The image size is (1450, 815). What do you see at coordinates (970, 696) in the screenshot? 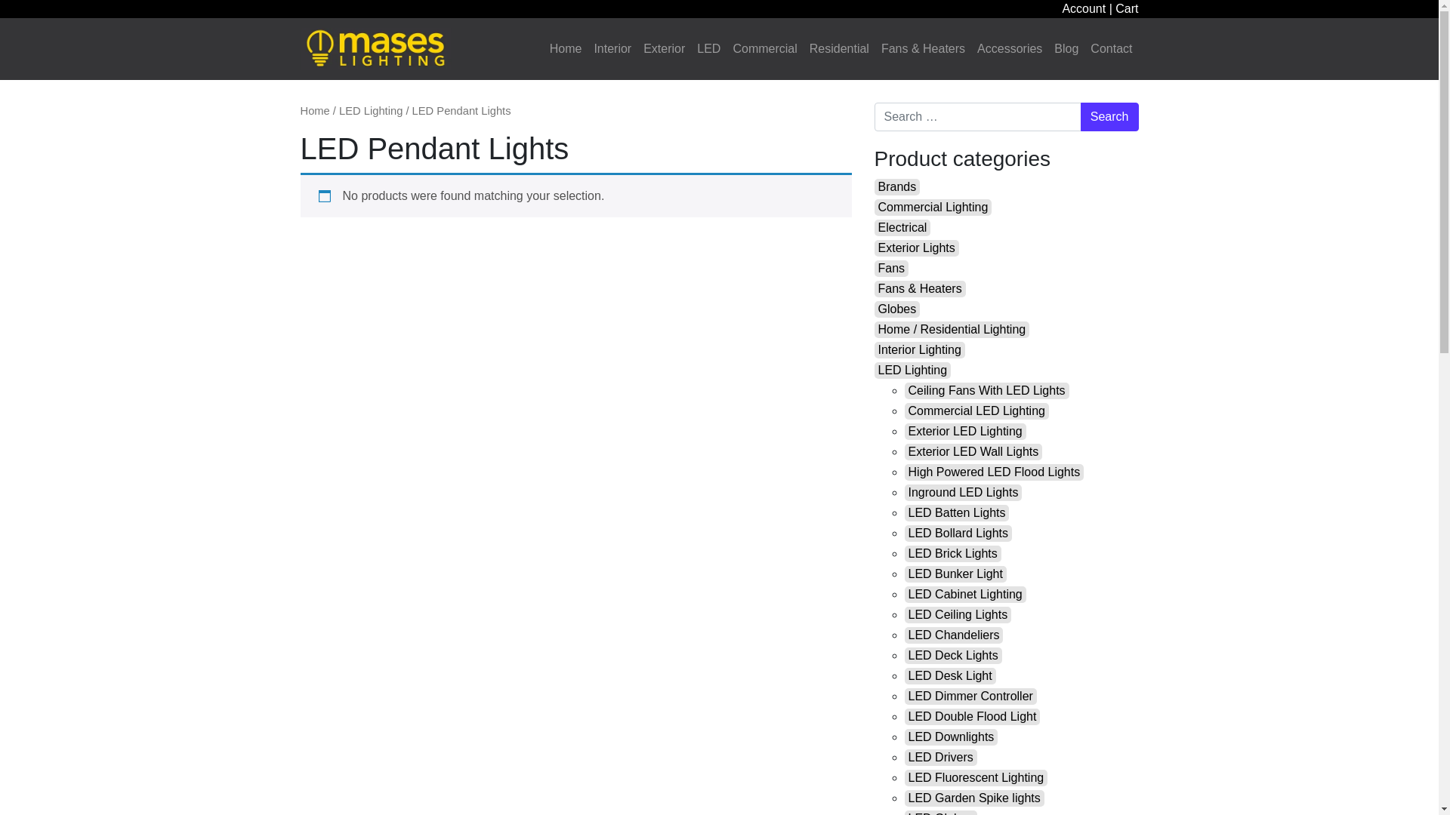
I see `'LED Dimmer Controller'` at bounding box center [970, 696].